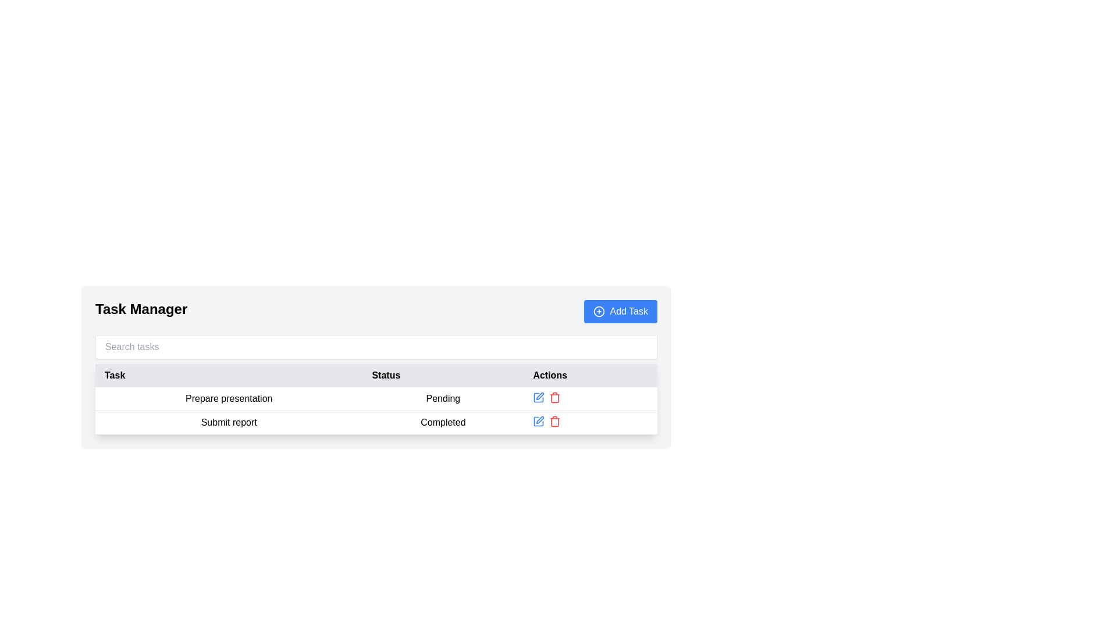  I want to click on the pen icon (Edit) located under the 'Actions' column of the second row in the table of the 'Task Manager' section, so click(539, 395).